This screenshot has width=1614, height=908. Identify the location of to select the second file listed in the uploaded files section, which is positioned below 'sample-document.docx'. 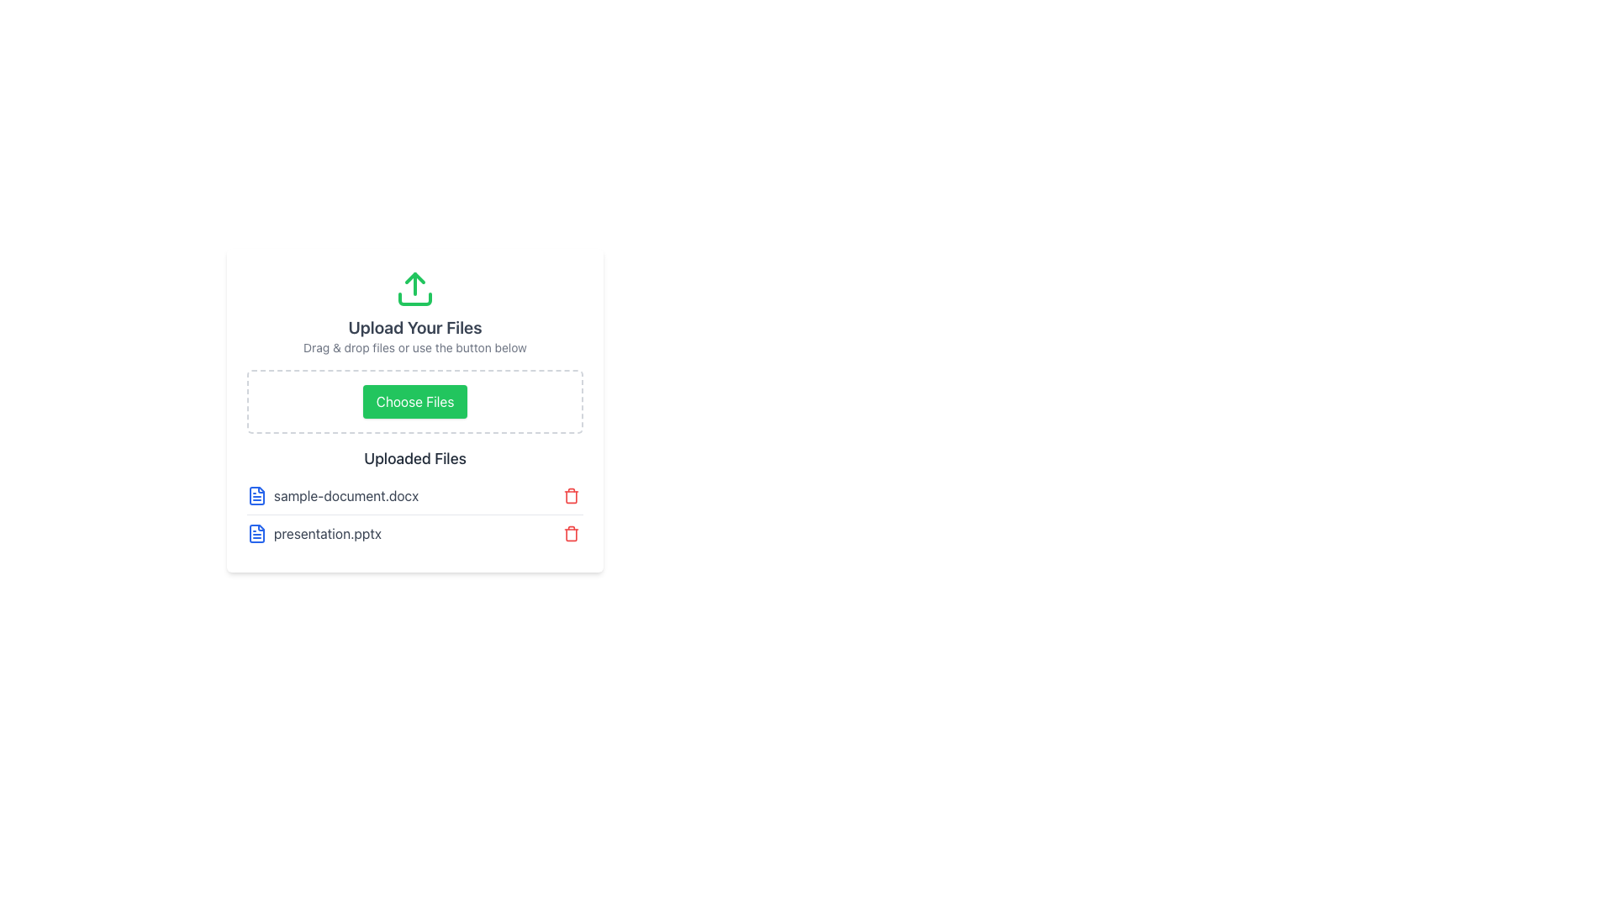
(314, 534).